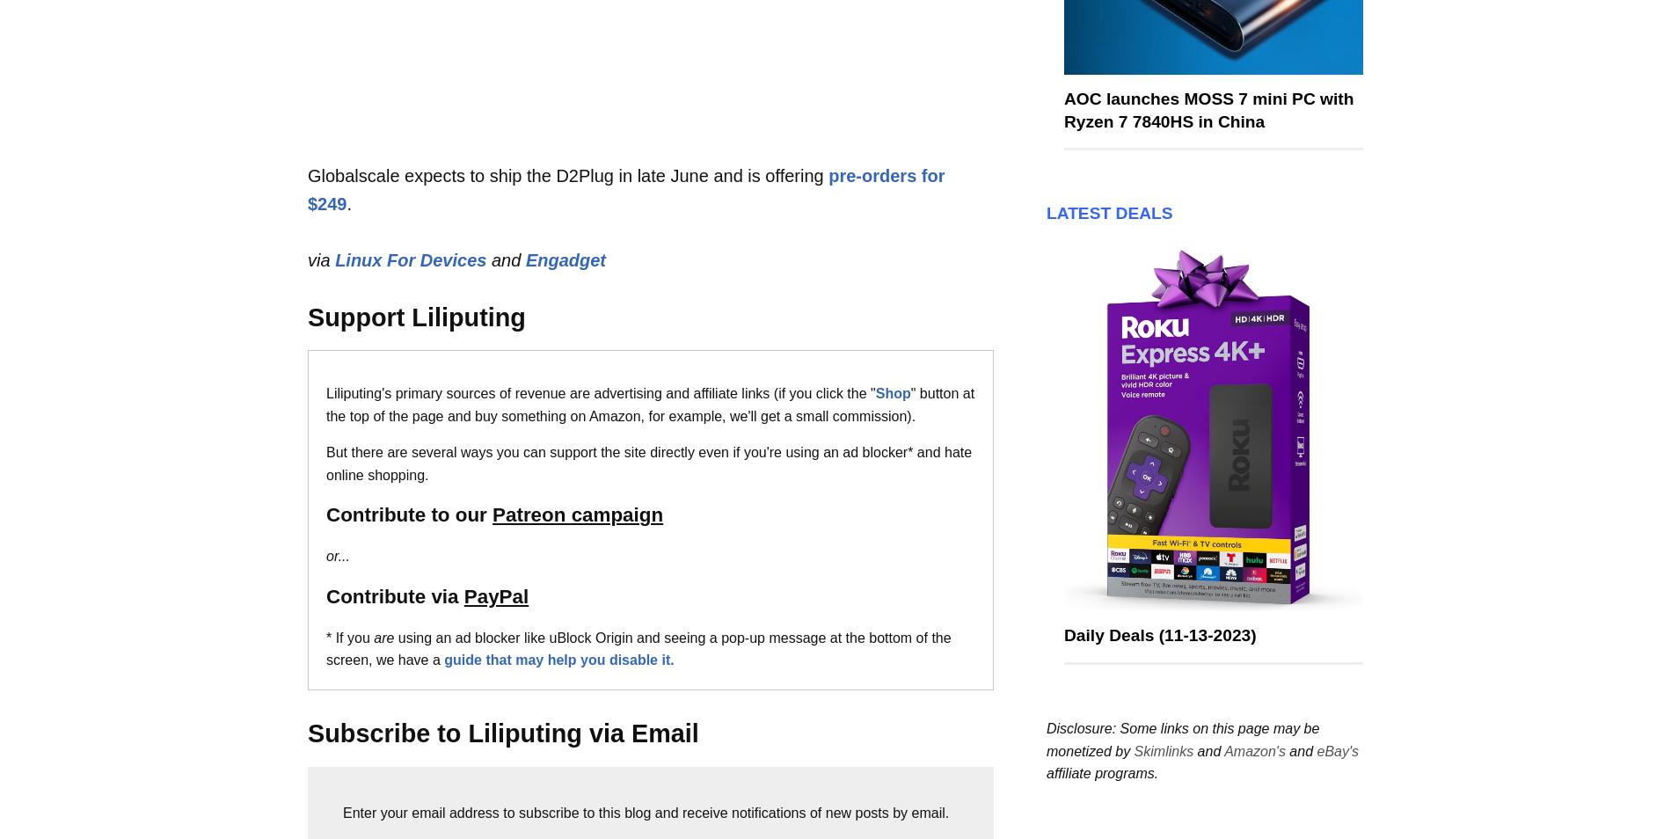 The height and width of the screenshot is (839, 1671). I want to click on 'PayPal', so click(495, 595).